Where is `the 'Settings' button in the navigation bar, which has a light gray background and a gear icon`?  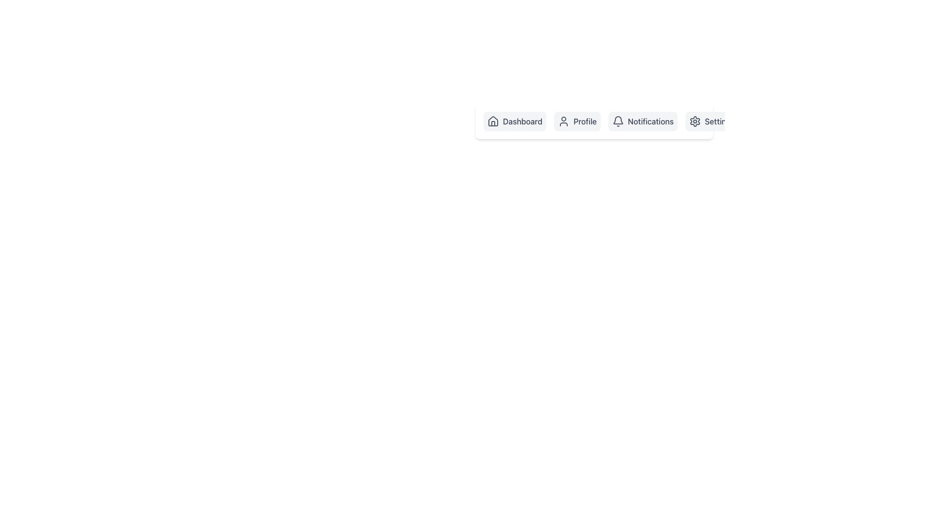
the 'Settings' button in the navigation bar, which has a light gray background and a gear icon is located at coordinates (712, 121).